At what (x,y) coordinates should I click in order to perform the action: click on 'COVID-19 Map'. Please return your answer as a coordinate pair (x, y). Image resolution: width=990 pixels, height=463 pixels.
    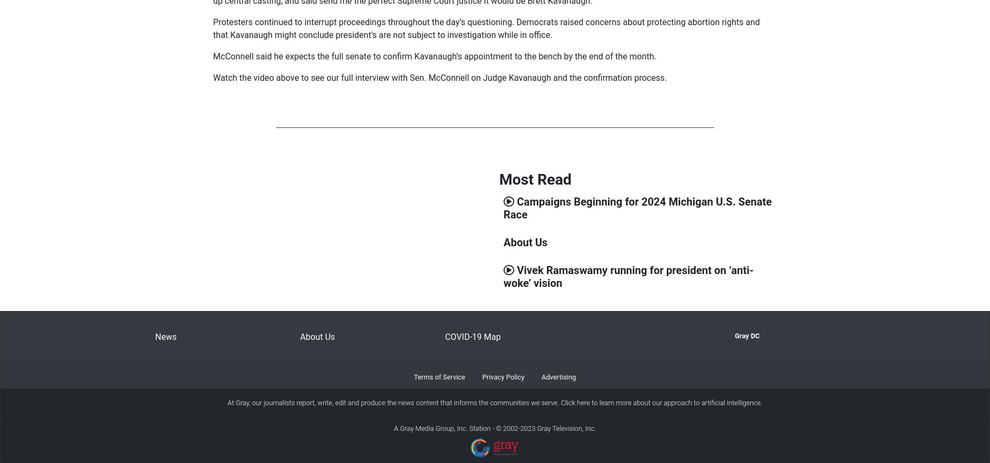
    Looking at the image, I should click on (445, 337).